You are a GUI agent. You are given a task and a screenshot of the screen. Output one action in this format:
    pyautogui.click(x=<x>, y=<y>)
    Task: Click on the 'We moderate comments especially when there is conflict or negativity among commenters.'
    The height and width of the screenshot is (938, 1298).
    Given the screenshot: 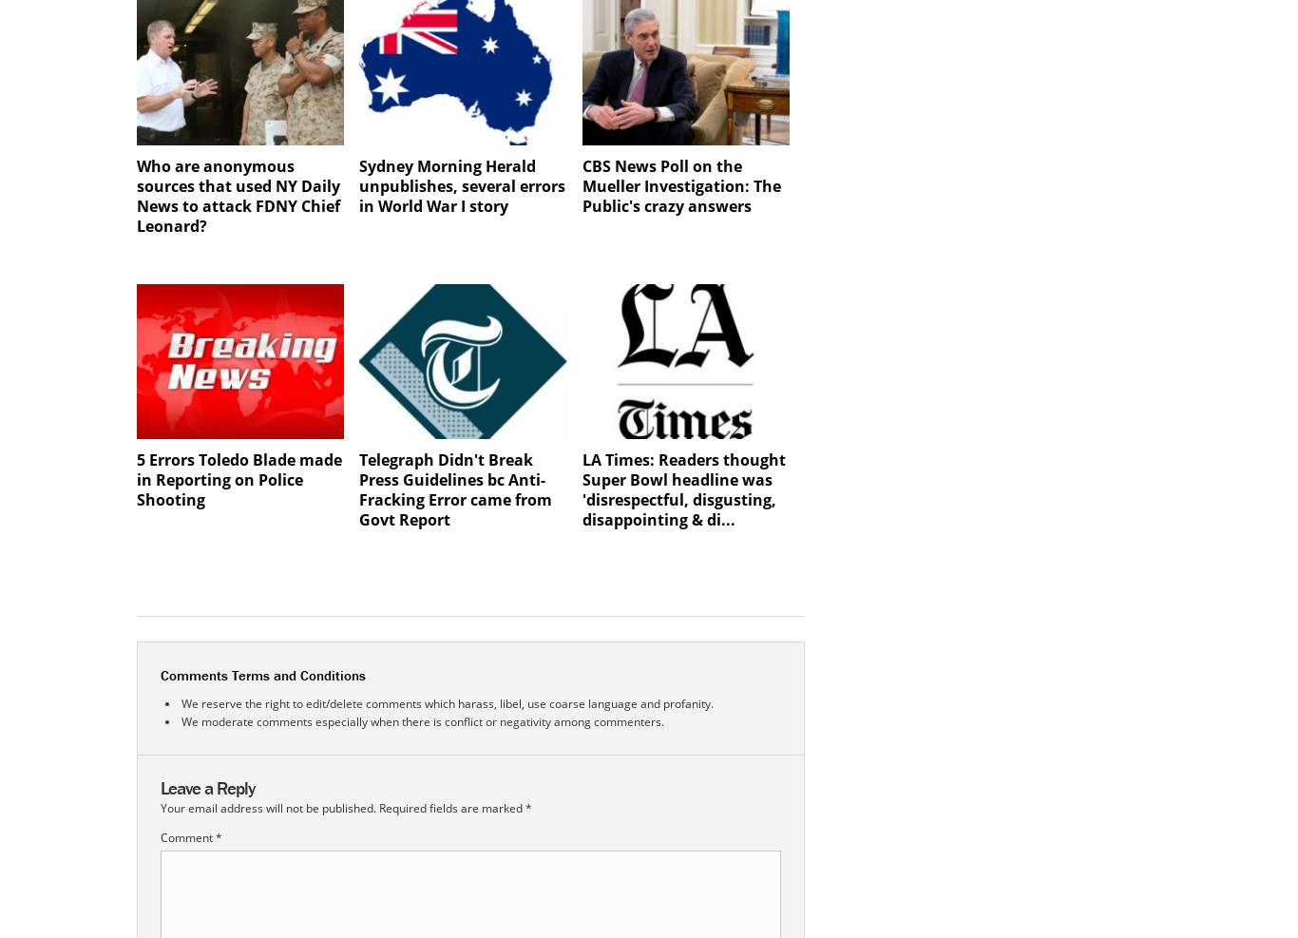 What is the action you would take?
    pyautogui.click(x=180, y=720)
    